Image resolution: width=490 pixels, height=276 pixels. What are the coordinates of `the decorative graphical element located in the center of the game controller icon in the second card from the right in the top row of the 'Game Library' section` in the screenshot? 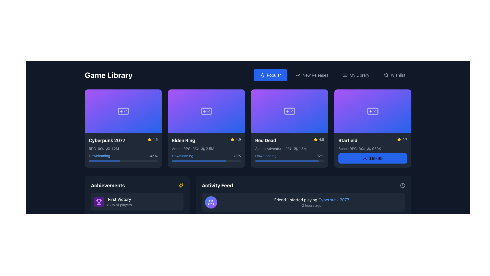 It's located at (289, 111).